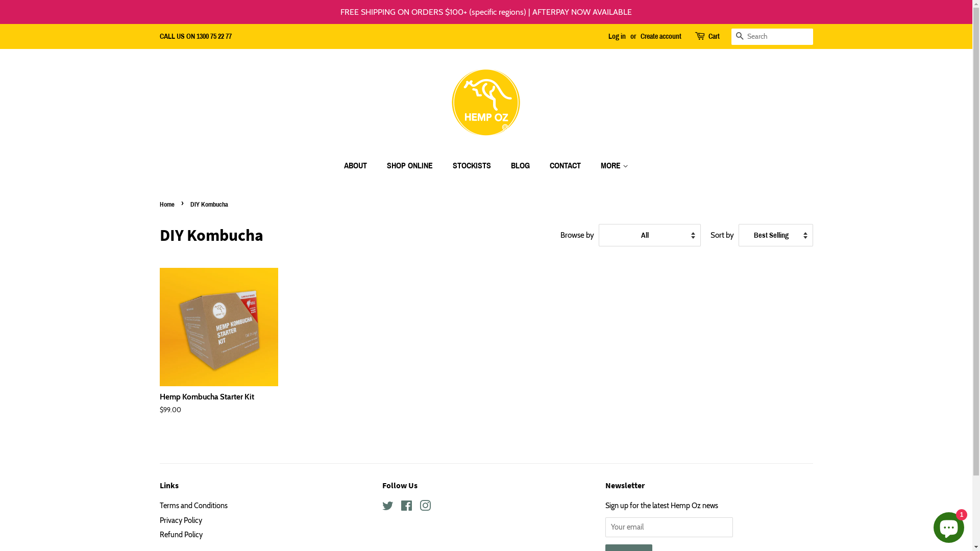  What do you see at coordinates (617, 36) in the screenshot?
I see `'Log in'` at bounding box center [617, 36].